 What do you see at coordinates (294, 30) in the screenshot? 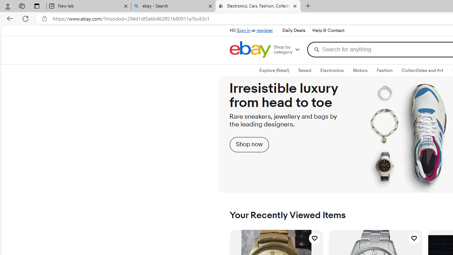
I see `'Daily Deals'` at bounding box center [294, 30].